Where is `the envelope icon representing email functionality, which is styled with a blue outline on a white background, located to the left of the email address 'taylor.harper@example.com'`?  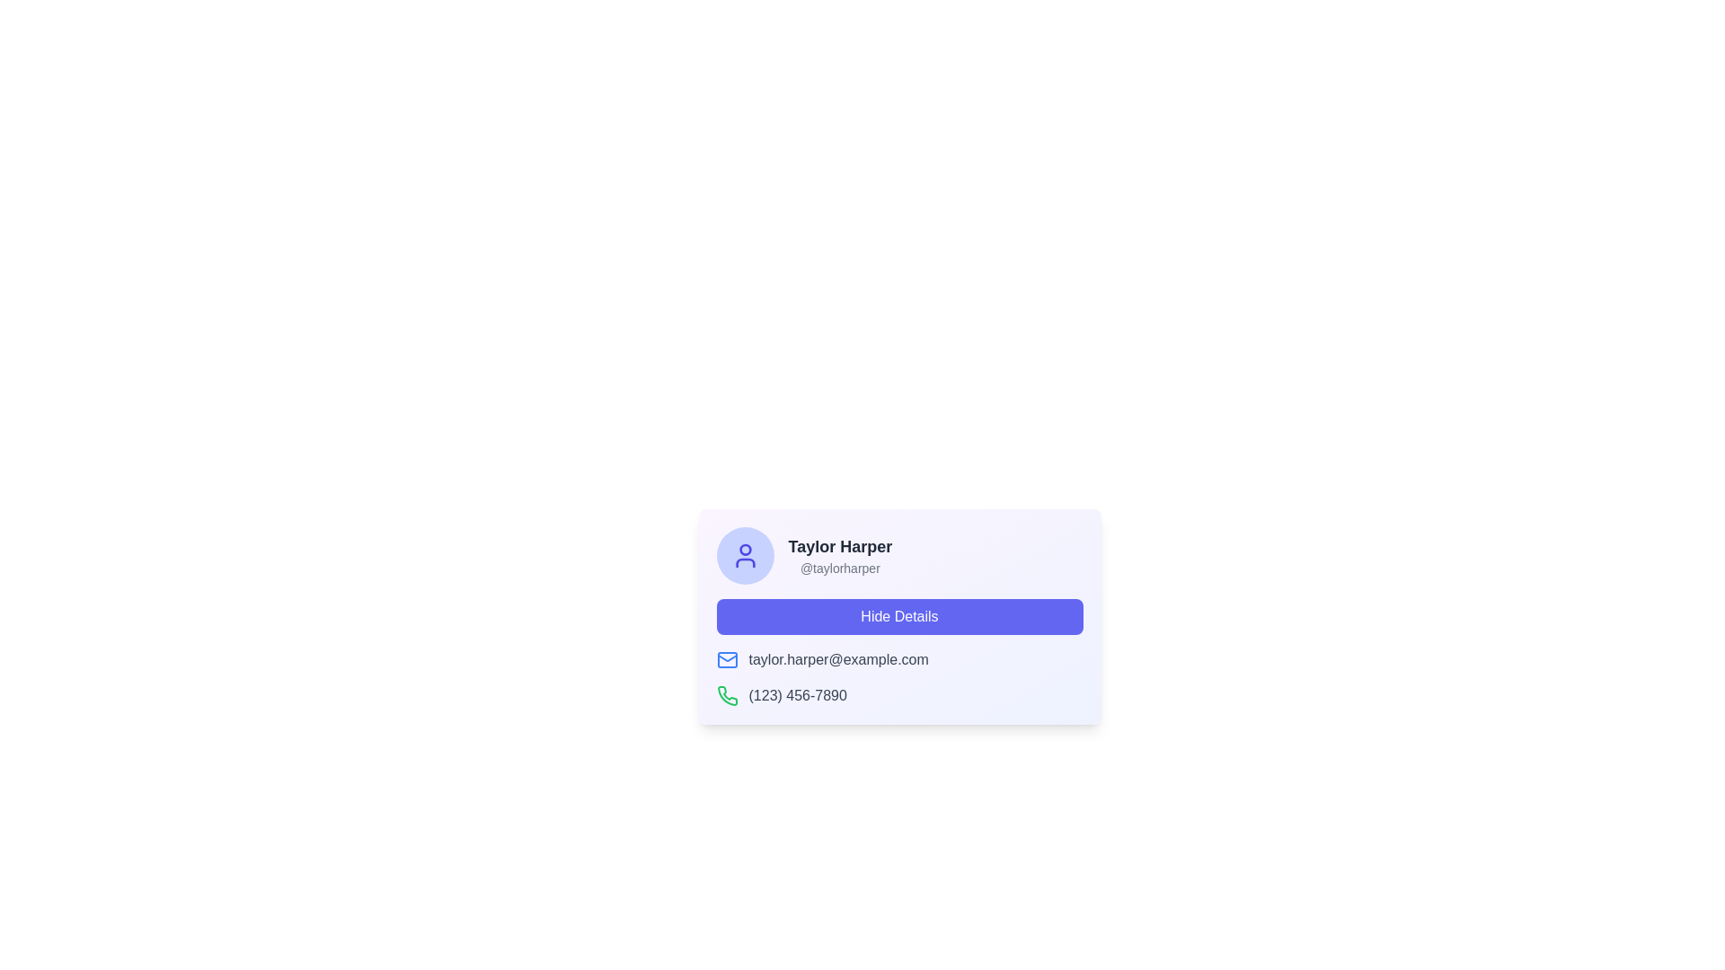 the envelope icon representing email functionality, which is styled with a blue outline on a white background, located to the left of the email address 'taylor.harper@example.com' is located at coordinates (727, 660).